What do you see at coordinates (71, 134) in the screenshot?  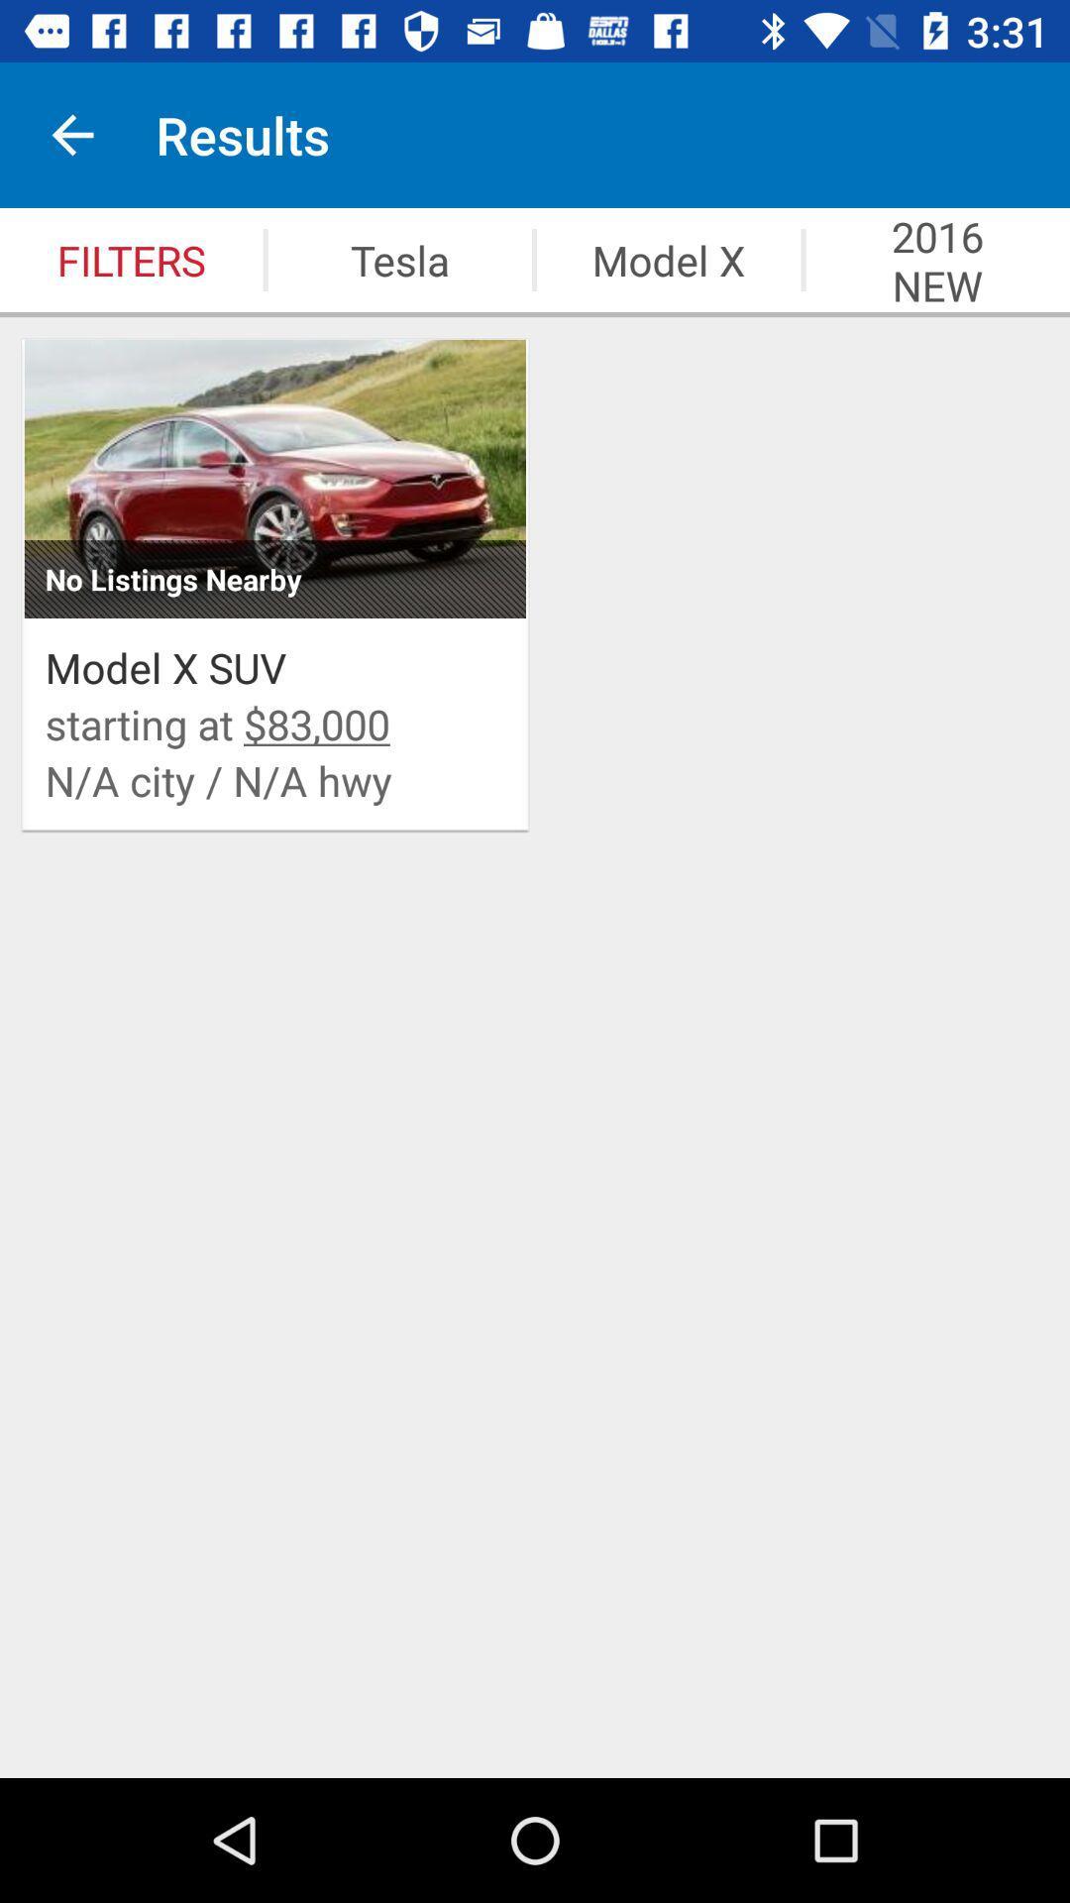 I see `the icon above the filters item` at bounding box center [71, 134].